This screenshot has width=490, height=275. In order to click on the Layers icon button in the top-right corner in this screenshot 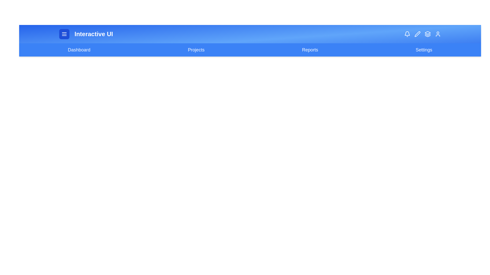, I will do `click(427, 34)`.